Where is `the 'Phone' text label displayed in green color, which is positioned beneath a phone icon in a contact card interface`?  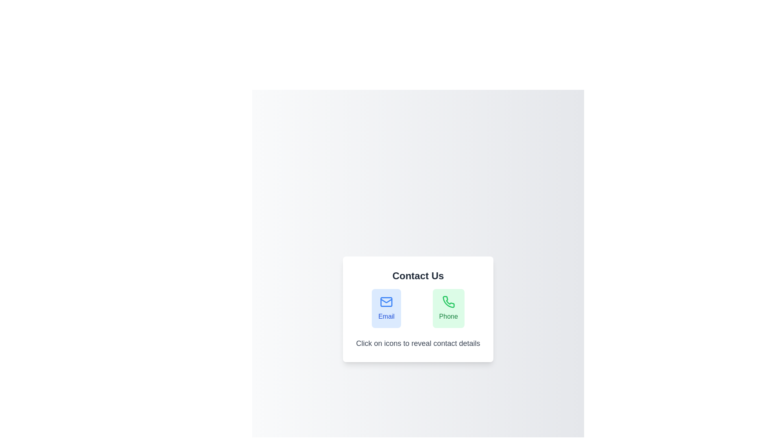 the 'Phone' text label displayed in green color, which is positioned beneath a phone icon in a contact card interface is located at coordinates (448, 316).